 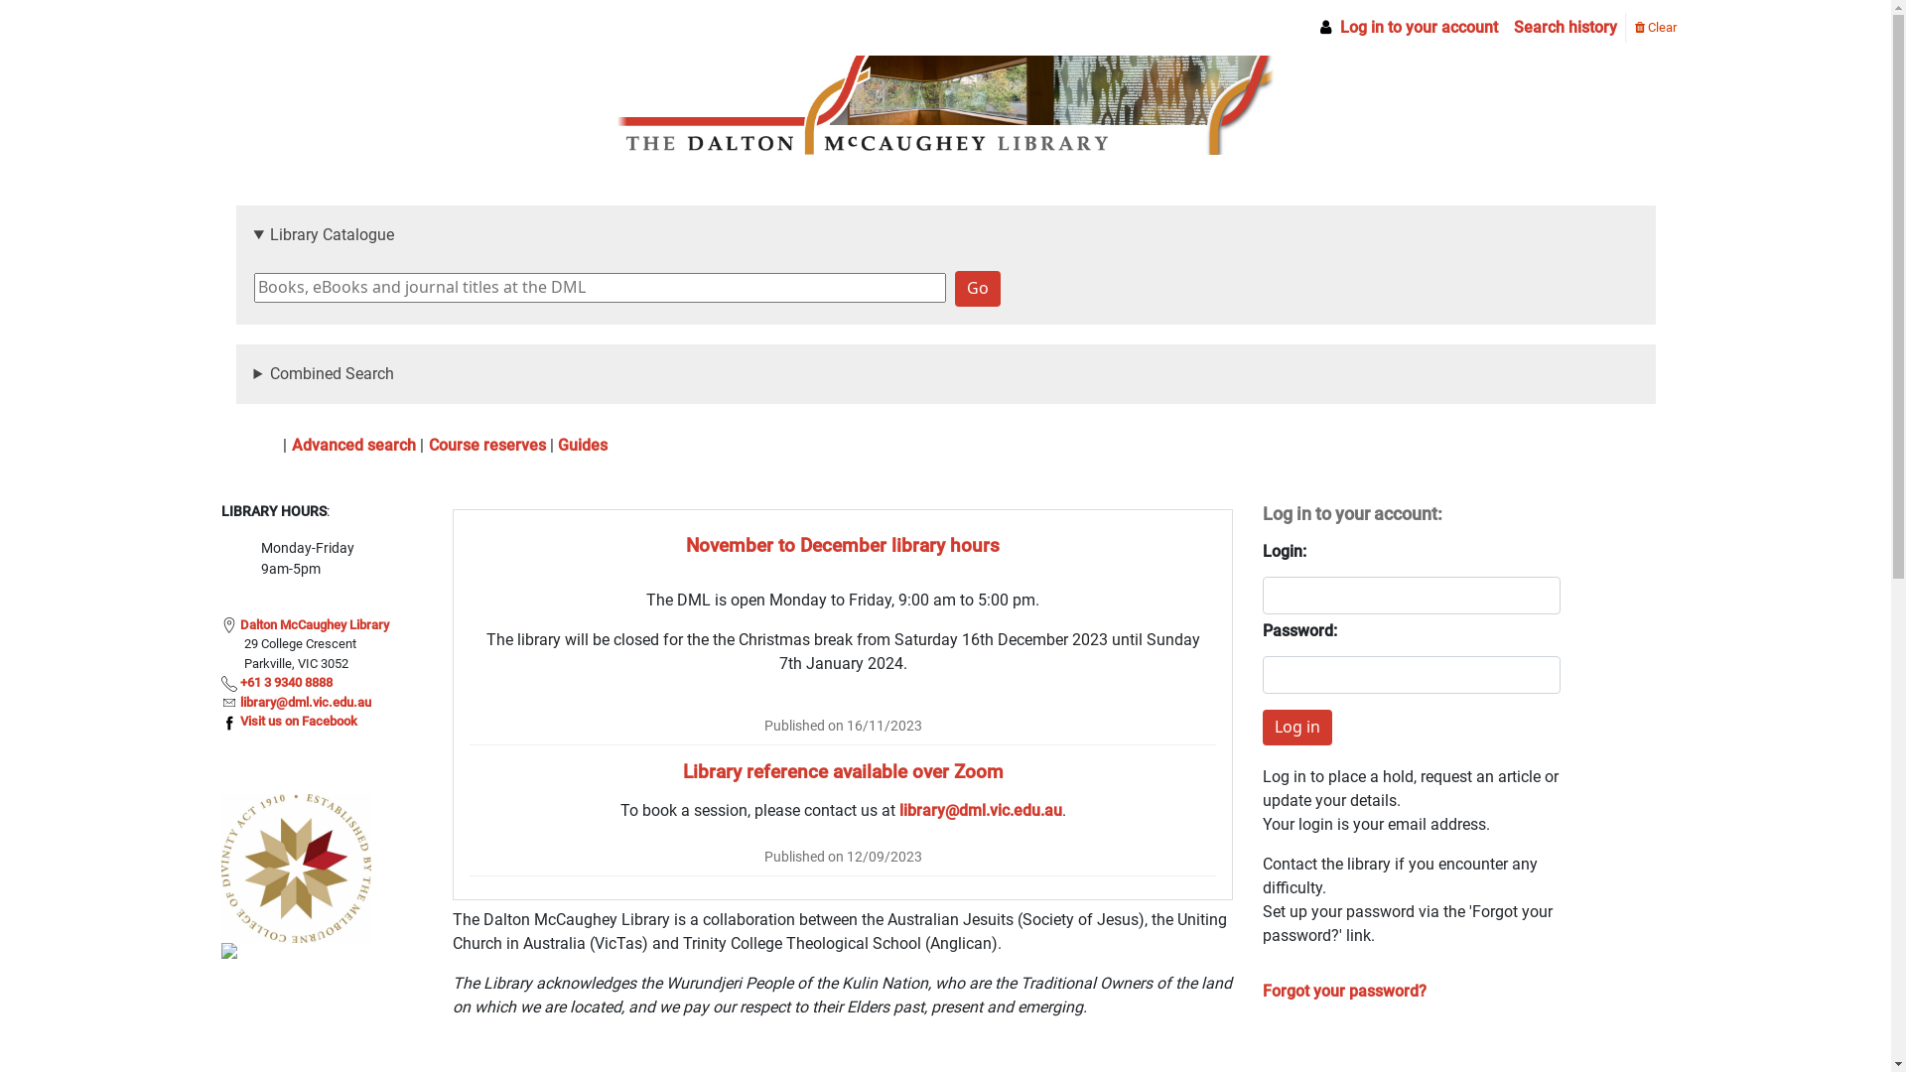 I want to click on 'Clear', so click(x=1654, y=27).